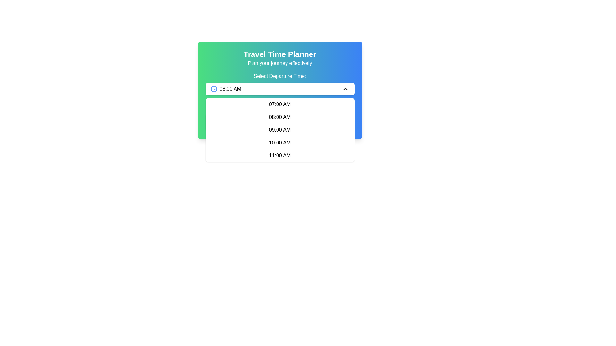 This screenshot has width=616, height=346. Describe the element at coordinates (280, 143) in the screenshot. I see `the '10:00 AM' option in the fourth position of the dropdown menu` at that location.